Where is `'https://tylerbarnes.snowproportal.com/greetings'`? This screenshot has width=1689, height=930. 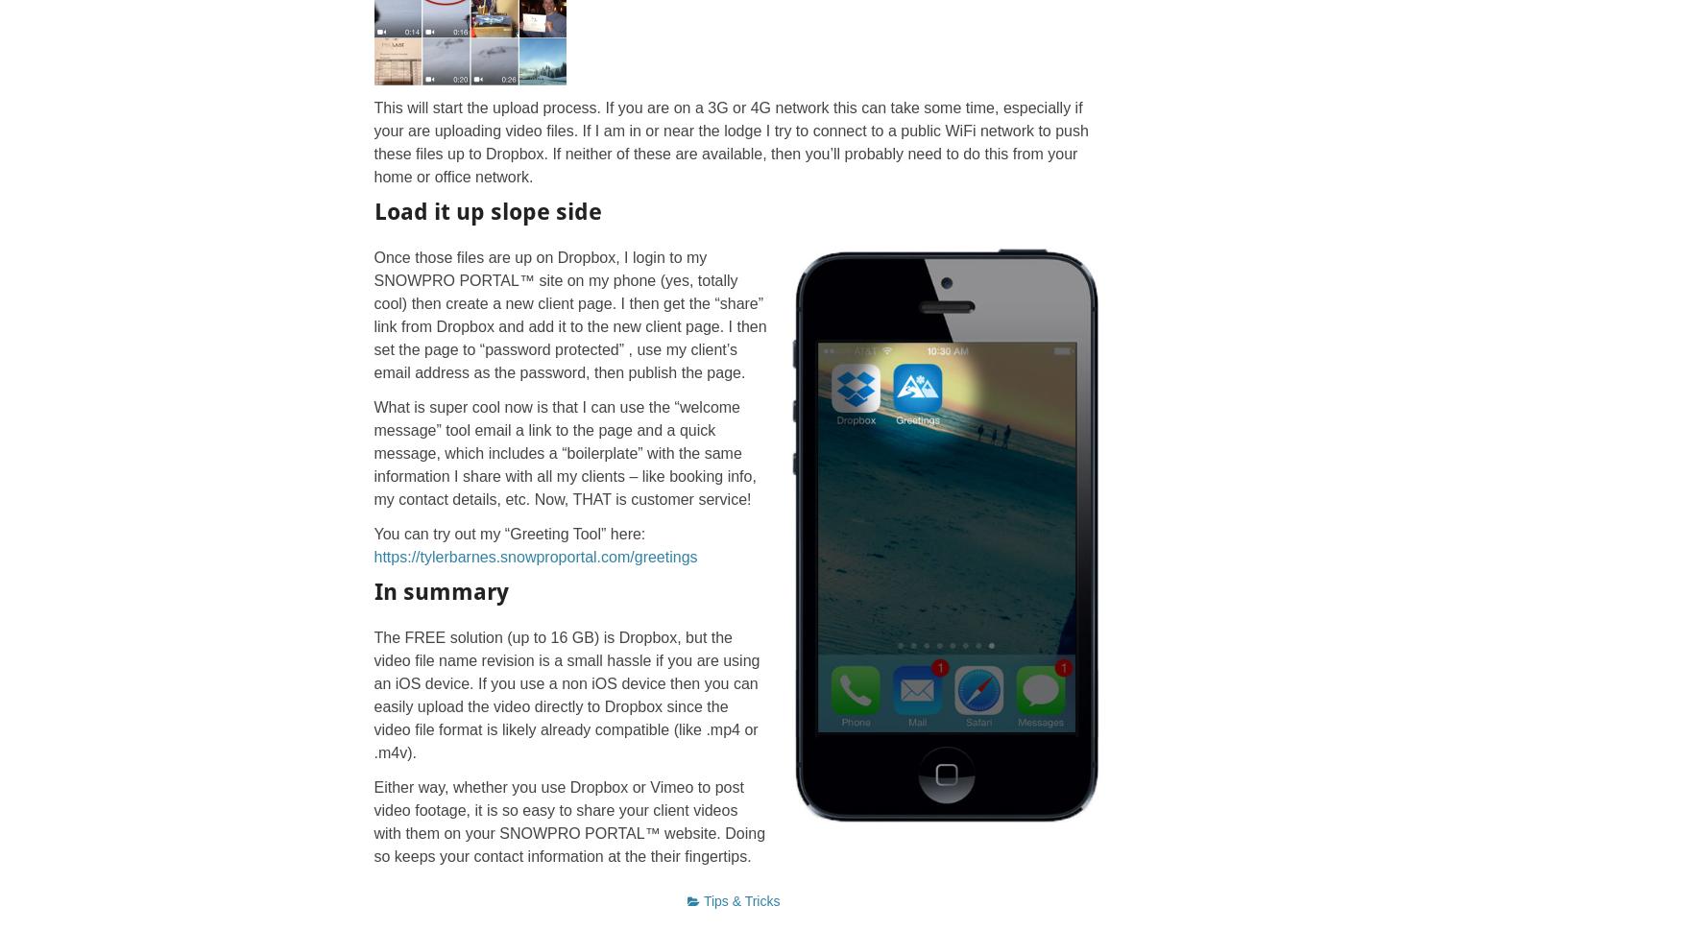
'https://tylerbarnes.snowproportal.com/greetings' is located at coordinates (534, 555).